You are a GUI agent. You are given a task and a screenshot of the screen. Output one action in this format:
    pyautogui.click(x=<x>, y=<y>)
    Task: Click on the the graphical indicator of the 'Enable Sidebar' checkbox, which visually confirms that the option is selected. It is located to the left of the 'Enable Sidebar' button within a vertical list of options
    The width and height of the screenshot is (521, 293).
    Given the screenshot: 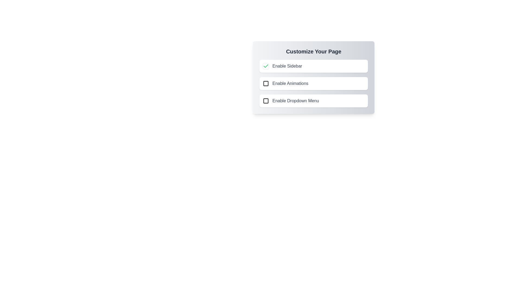 What is the action you would take?
    pyautogui.click(x=266, y=66)
    